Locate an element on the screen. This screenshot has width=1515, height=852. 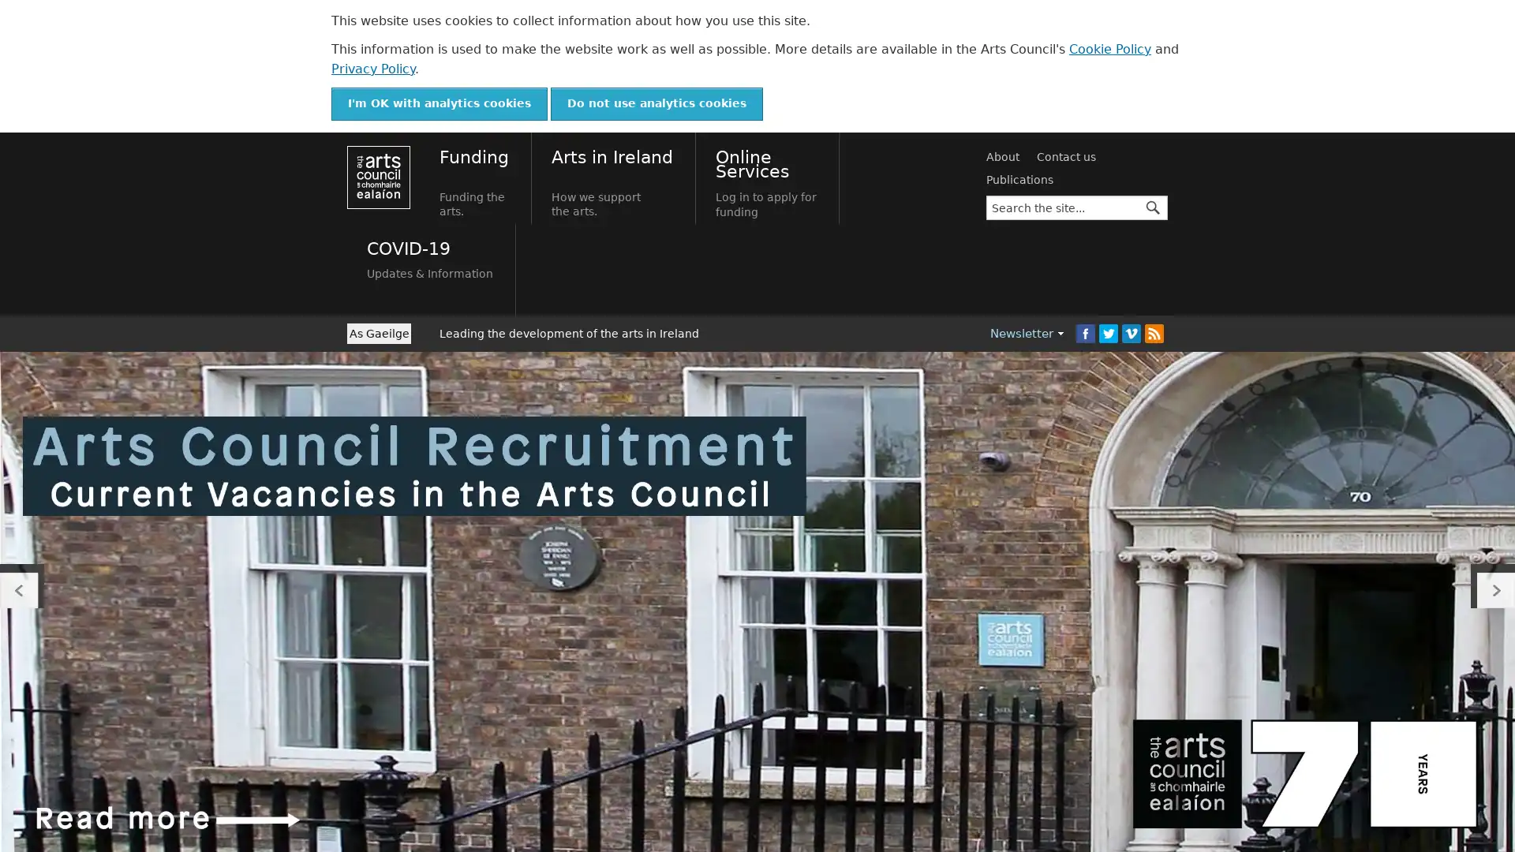
I'm OK with analytics cookies is located at coordinates (439, 103).